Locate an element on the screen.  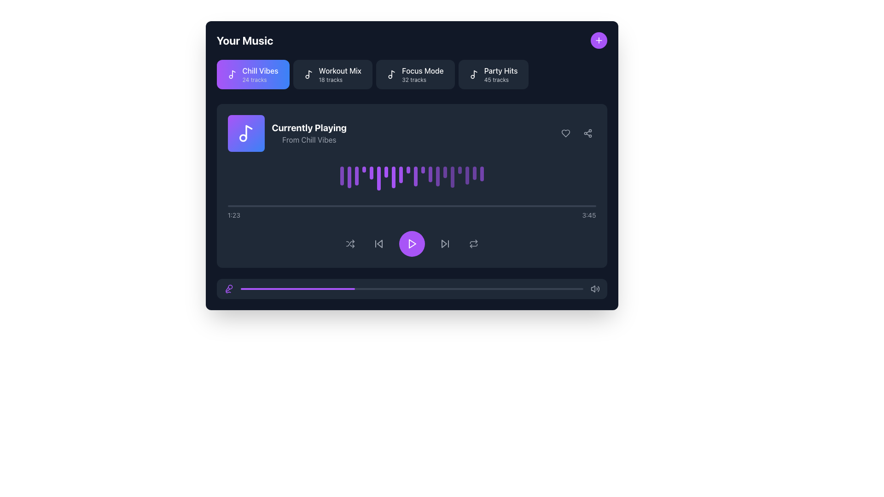
playback time is located at coordinates (438, 206).